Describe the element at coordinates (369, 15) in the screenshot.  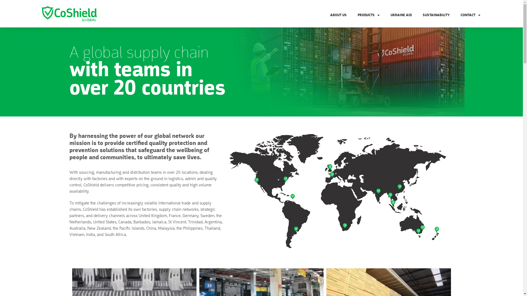
I see `'PRODUCTS'` at that location.